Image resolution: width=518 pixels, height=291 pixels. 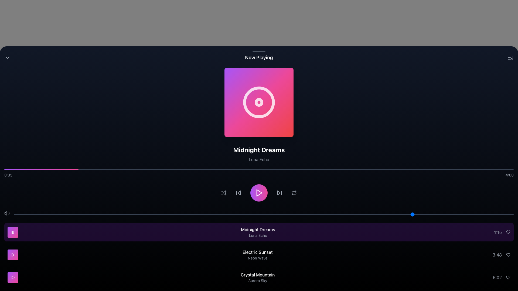 I want to click on the slider value, so click(x=439, y=214).